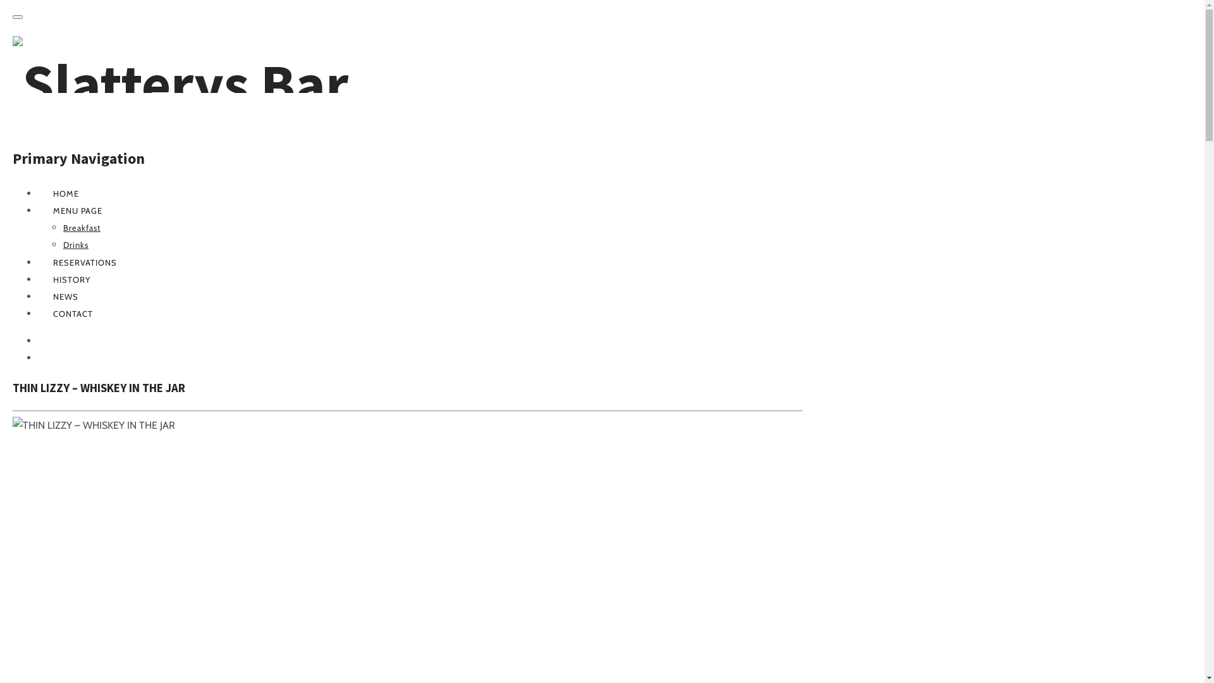 The height and width of the screenshot is (683, 1214). Describe the element at coordinates (81, 226) in the screenshot. I see `'Breakfast'` at that location.